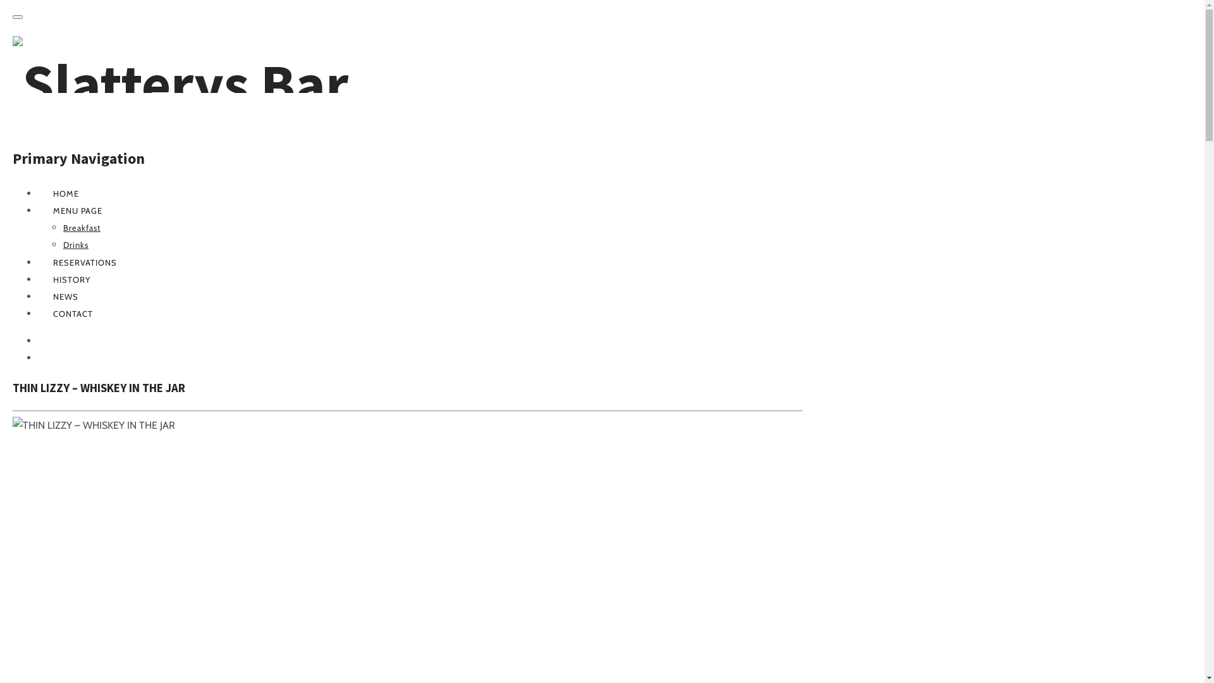 The height and width of the screenshot is (683, 1214). Describe the element at coordinates (81, 226) in the screenshot. I see `'Breakfast'` at that location.